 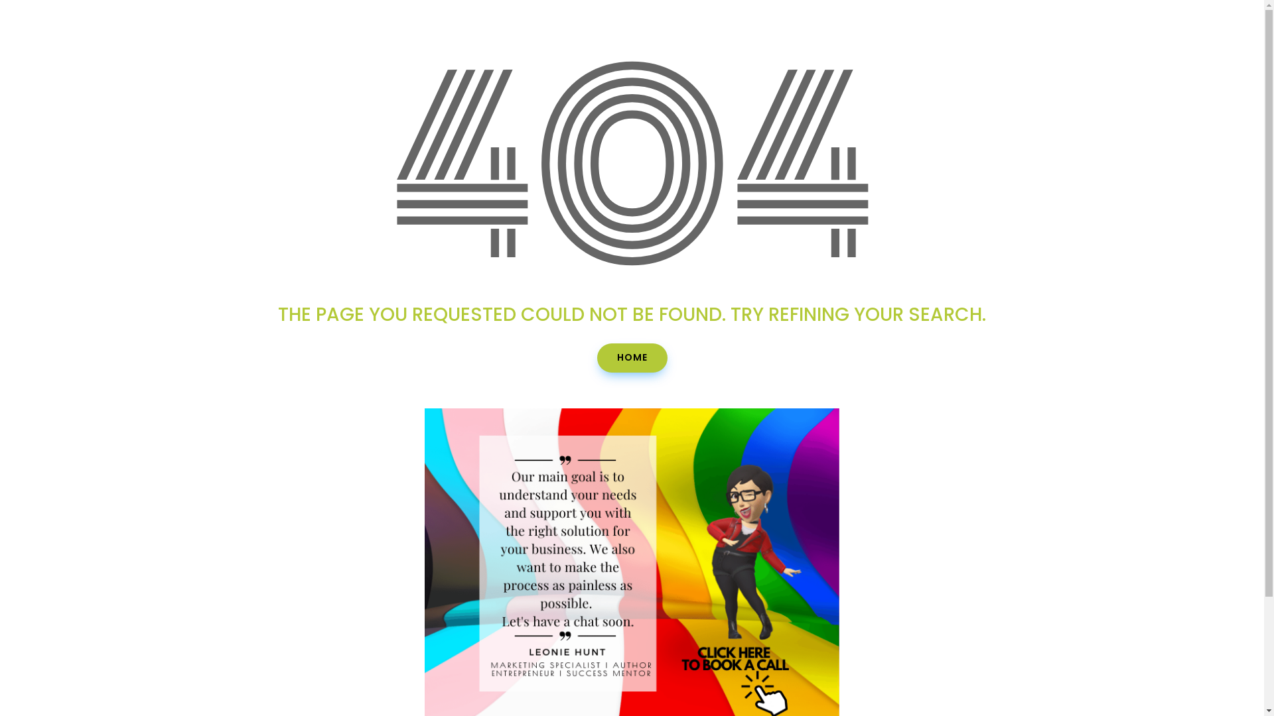 What do you see at coordinates (632, 358) in the screenshot?
I see `'HOME'` at bounding box center [632, 358].